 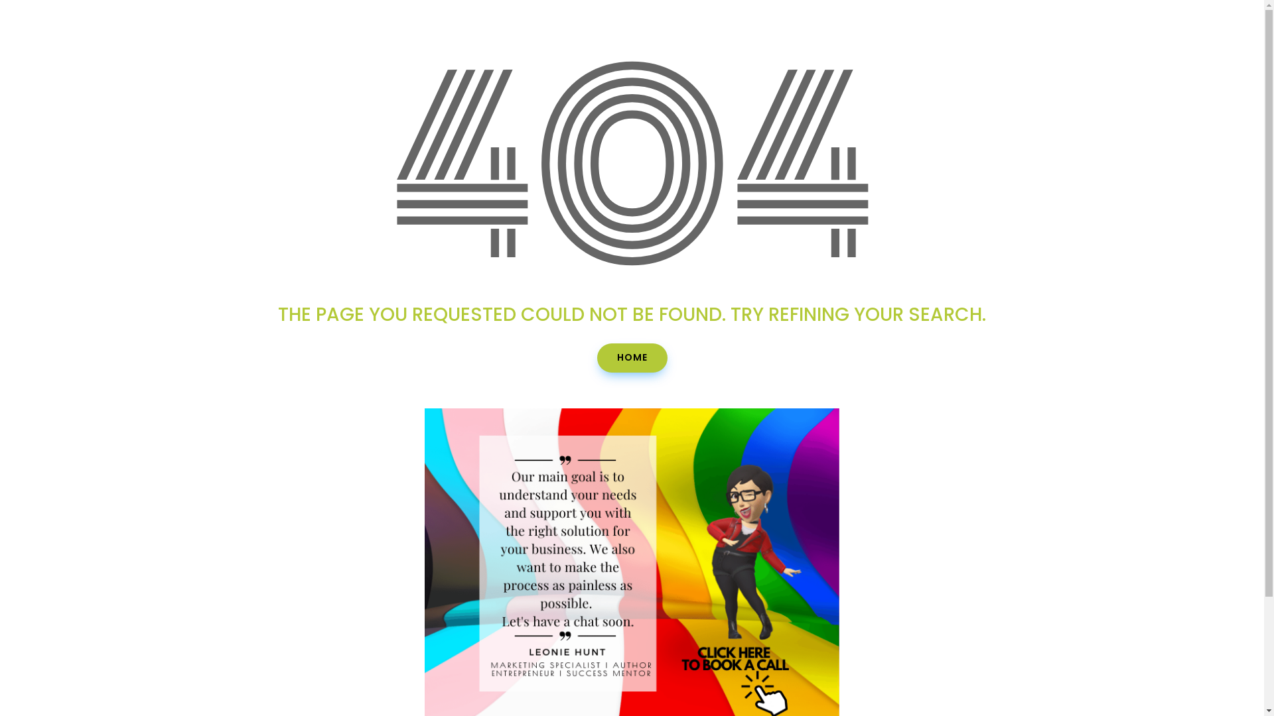 What do you see at coordinates (632, 358) in the screenshot?
I see `'HOME'` at bounding box center [632, 358].